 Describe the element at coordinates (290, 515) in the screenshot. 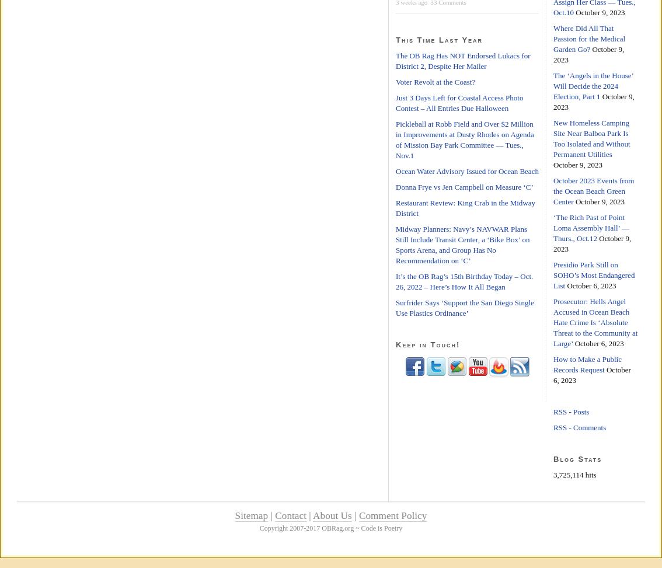

I see `'Contact'` at that location.